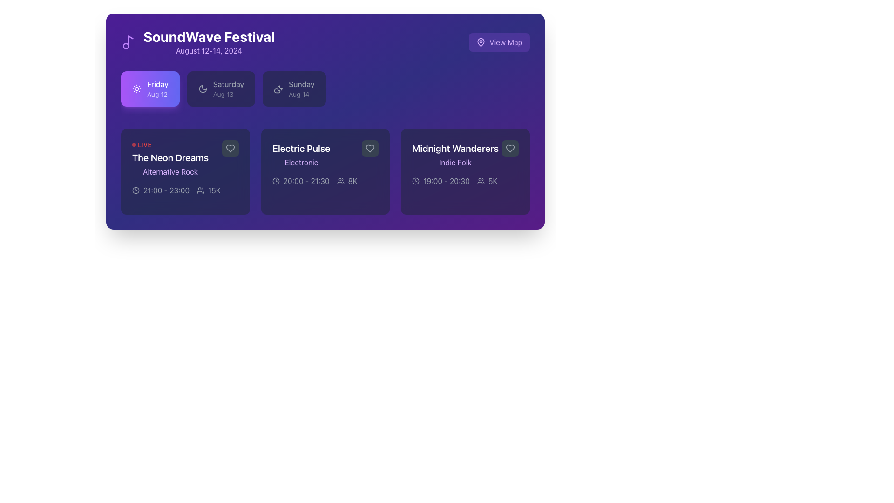 Image resolution: width=894 pixels, height=503 pixels. What do you see at coordinates (415, 181) in the screenshot?
I see `the timing duration icon located to the left of the '19:00 - 20:30' label within the 'Midnight Wanderers' card in the event schedule` at bounding box center [415, 181].